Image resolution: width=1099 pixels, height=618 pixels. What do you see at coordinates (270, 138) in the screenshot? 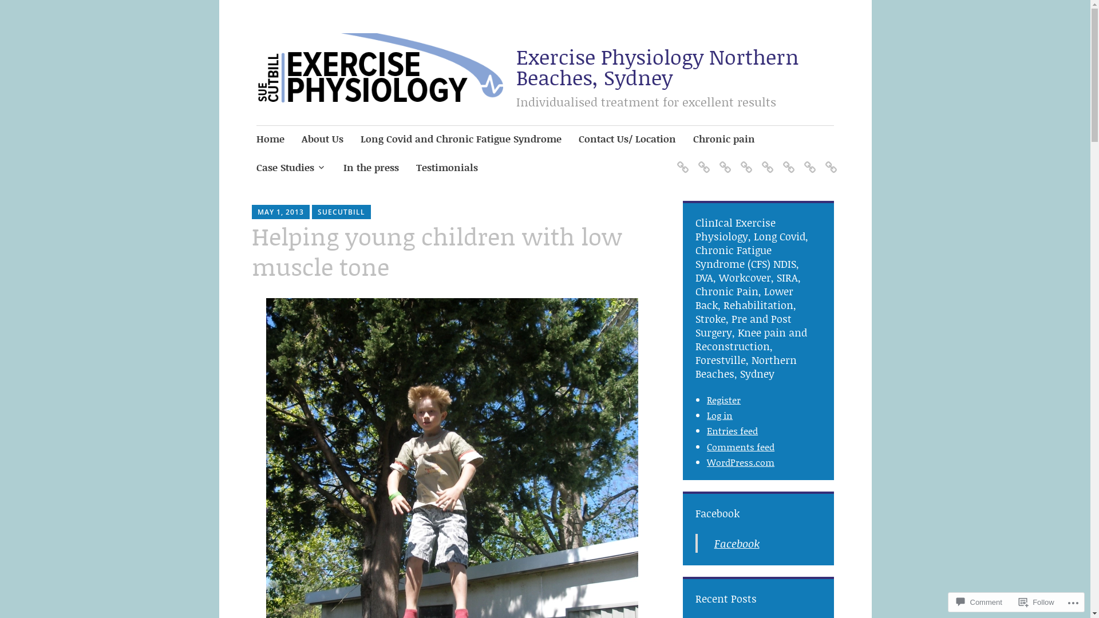
I see `'Home'` at bounding box center [270, 138].